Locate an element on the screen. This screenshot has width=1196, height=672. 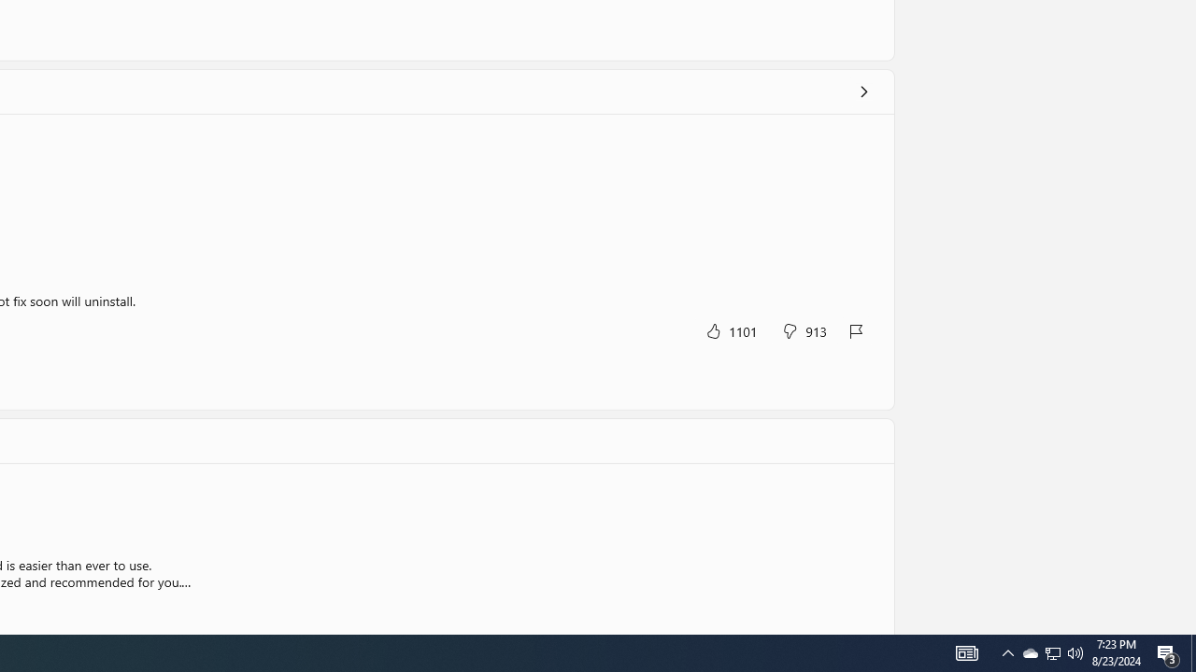
'Report review' is located at coordinates (856, 329).